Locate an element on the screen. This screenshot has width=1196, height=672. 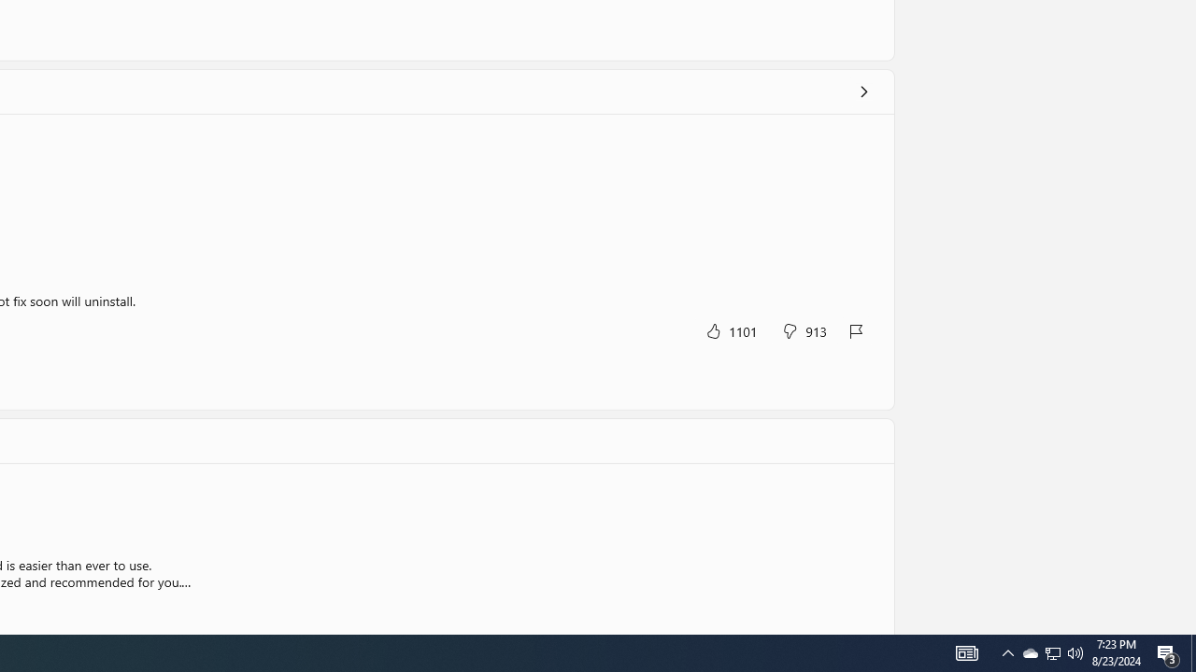
'Report review' is located at coordinates (856, 329).